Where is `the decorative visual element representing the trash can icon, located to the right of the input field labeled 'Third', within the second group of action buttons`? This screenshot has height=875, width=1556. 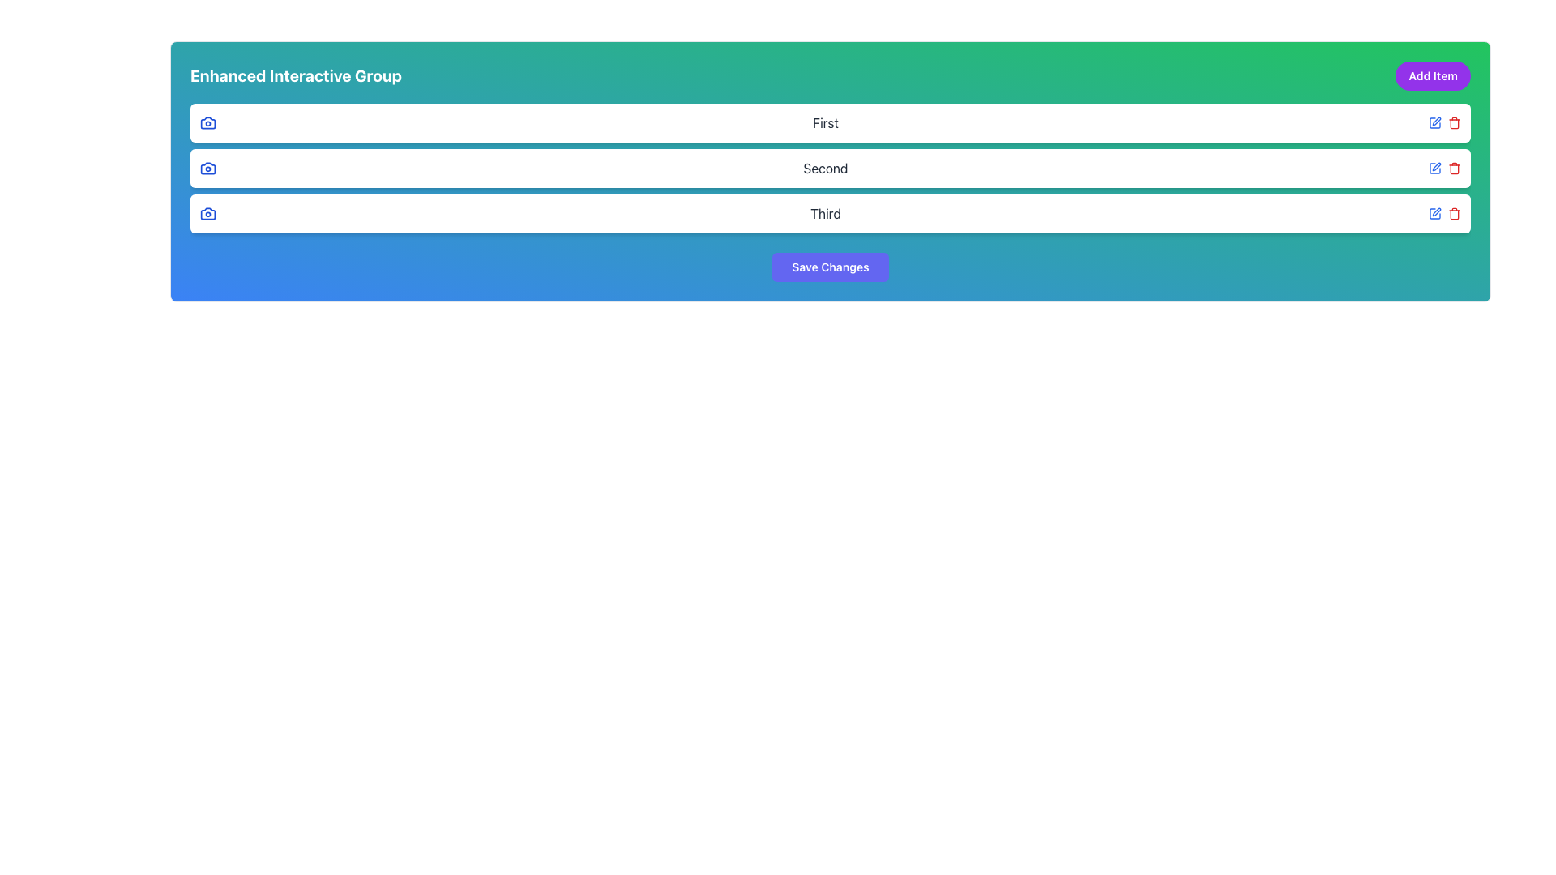
the decorative visual element representing the trash can icon, located to the right of the input field labeled 'Third', within the second group of action buttons is located at coordinates (1455, 123).